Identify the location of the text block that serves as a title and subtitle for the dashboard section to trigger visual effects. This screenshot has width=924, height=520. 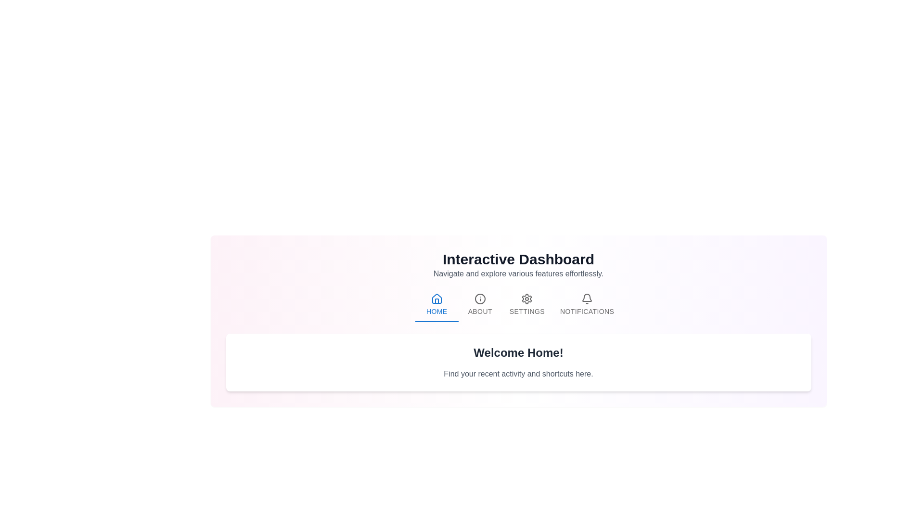
(518, 265).